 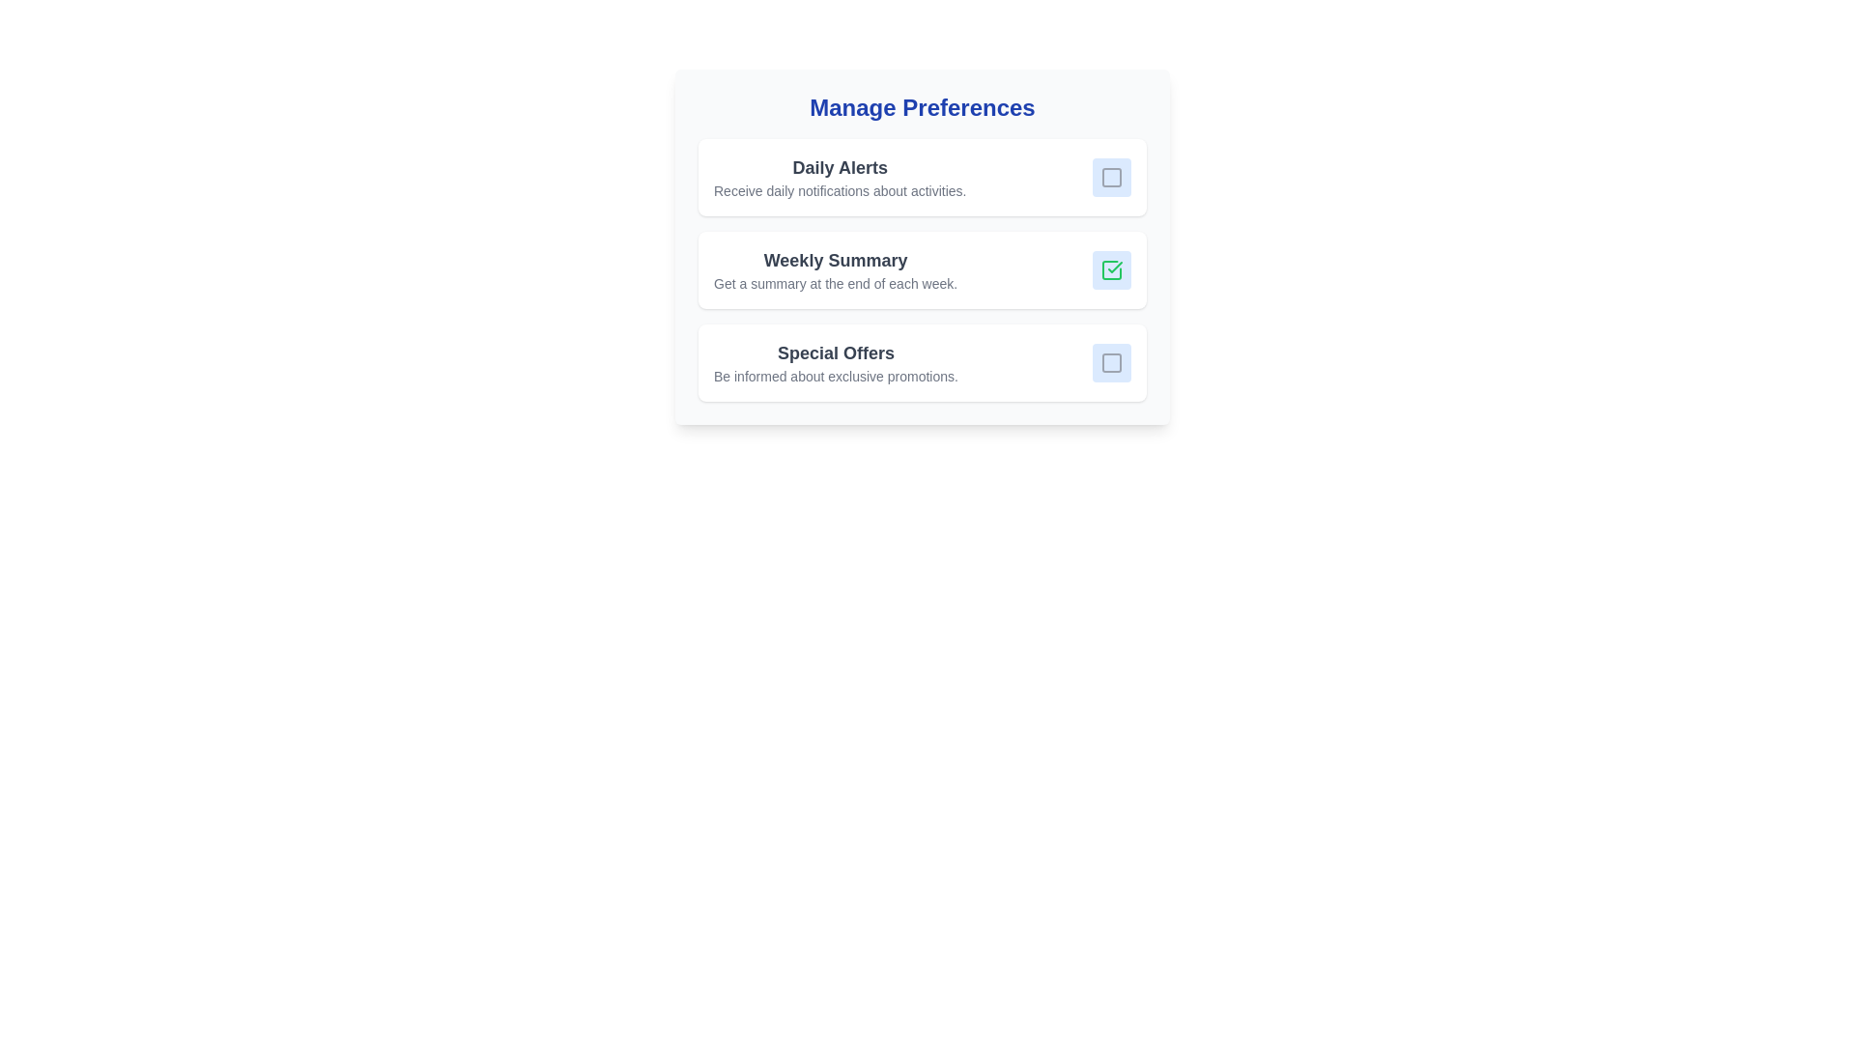 What do you see at coordinates (922, 107) in the screenshot?
I see `the Static Text Header displaying 'Manage Preferences' in bold, large blue font, which serves as the title for the preferences management interface` at bounding box center [922, 107].